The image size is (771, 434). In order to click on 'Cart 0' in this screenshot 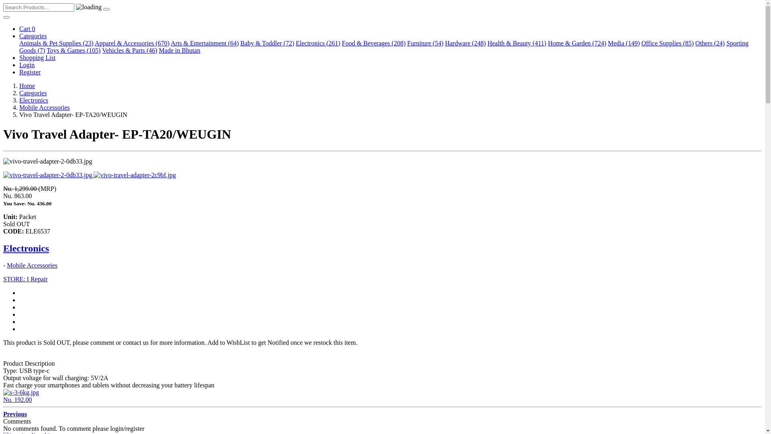, I will do `click(27, 28)`.